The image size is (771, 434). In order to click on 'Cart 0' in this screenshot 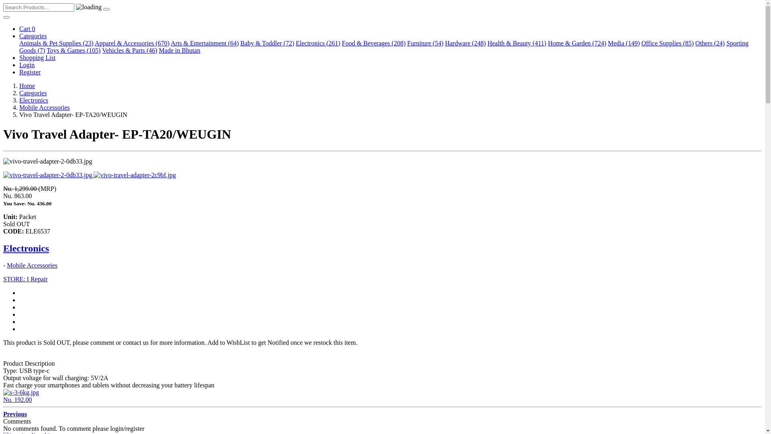, I will do `click(27, 28)`.